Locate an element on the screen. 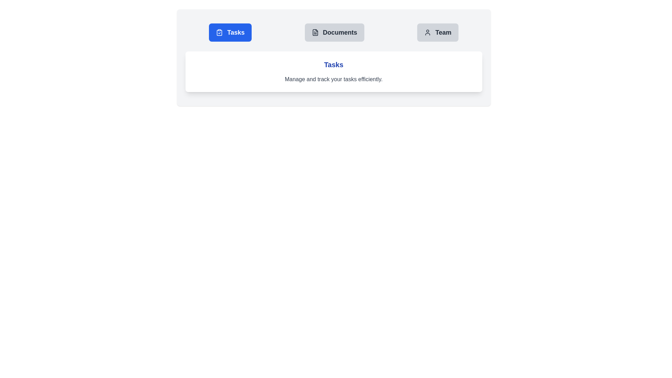 This screenshot has width=672, height=378. the tab labeled Tasks to display its associated content is located at coordinates (230, 32).